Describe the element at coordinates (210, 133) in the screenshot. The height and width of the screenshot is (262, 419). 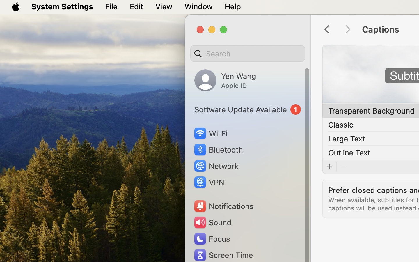
I see `'Wi‑Fi'` at that location.